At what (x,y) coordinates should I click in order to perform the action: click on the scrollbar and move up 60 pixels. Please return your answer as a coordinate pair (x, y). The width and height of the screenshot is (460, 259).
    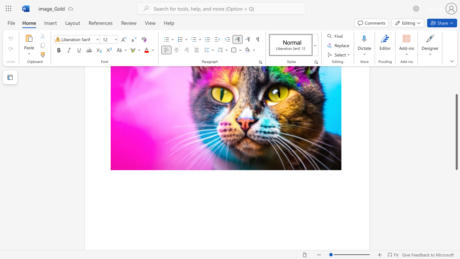
    Looking at the image, I should click on (456, 137).